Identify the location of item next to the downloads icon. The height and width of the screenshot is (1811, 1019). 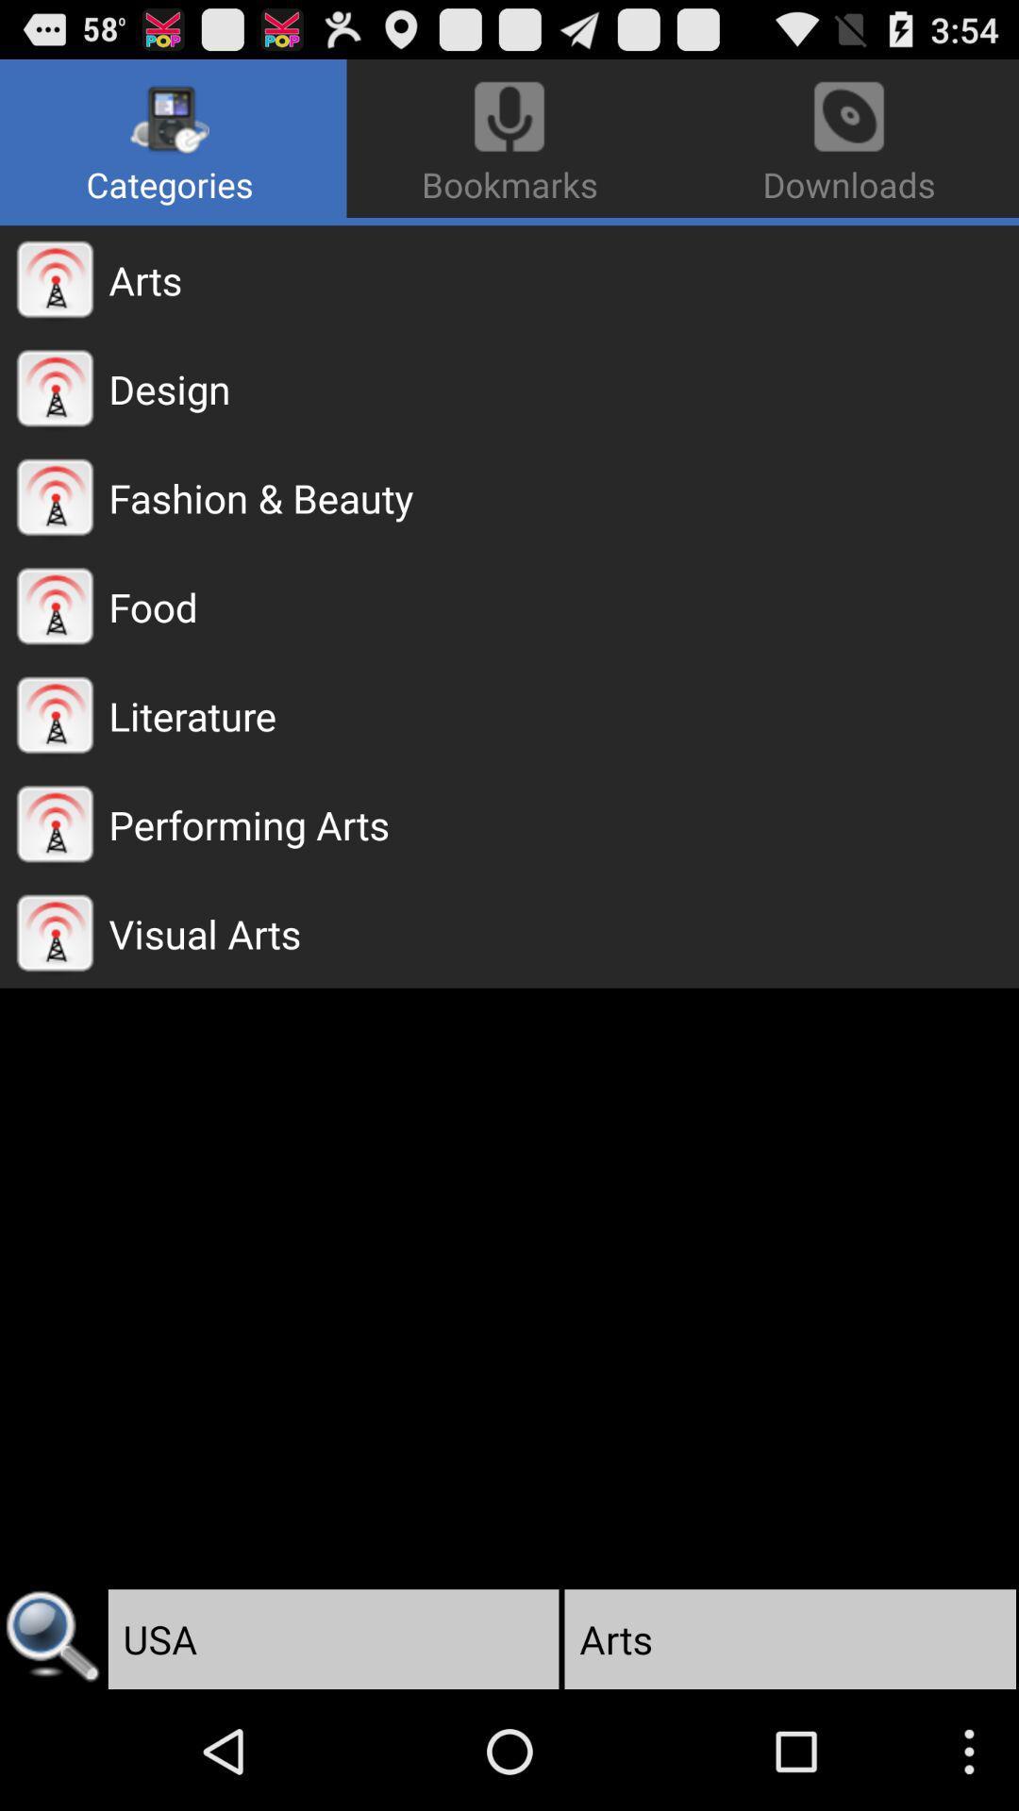
(173, 138).